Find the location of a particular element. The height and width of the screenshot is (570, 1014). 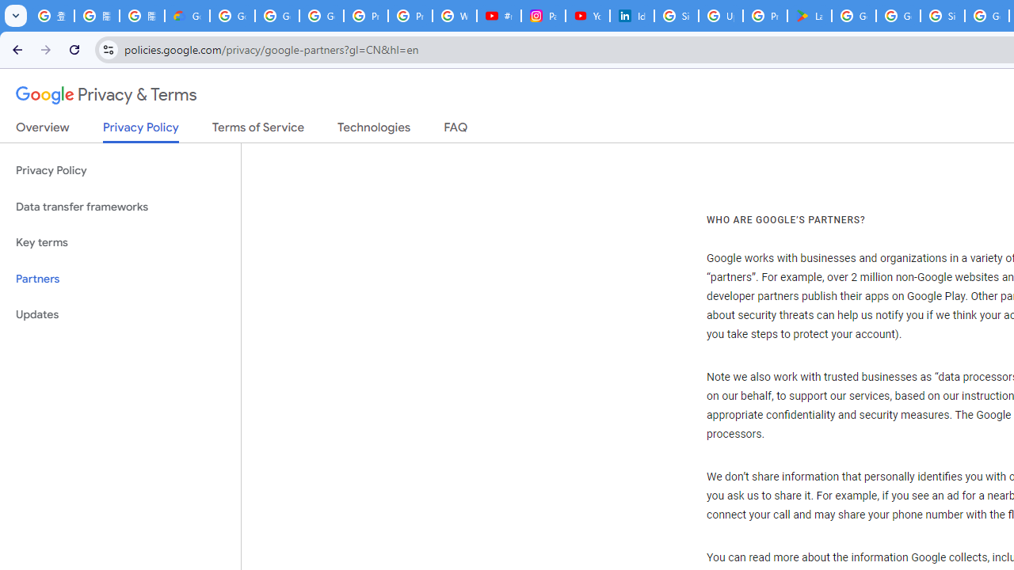

'Privacy & Terms' is located at coordinates (106, 95).